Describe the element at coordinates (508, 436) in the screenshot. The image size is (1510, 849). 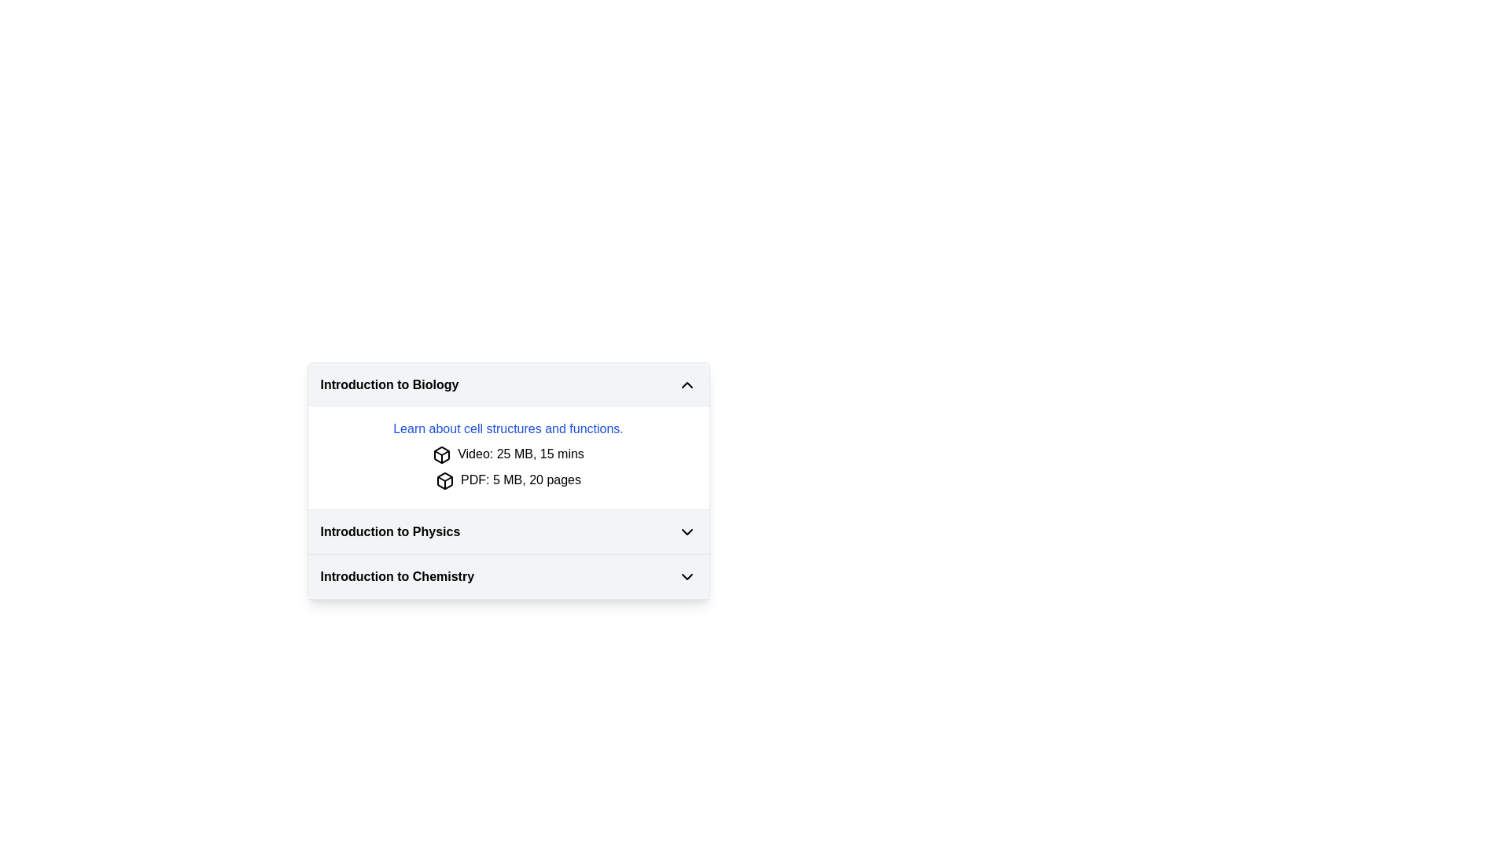
I see `the text links within the collapsible content card titled 'Introduction to Biology'` at that location.